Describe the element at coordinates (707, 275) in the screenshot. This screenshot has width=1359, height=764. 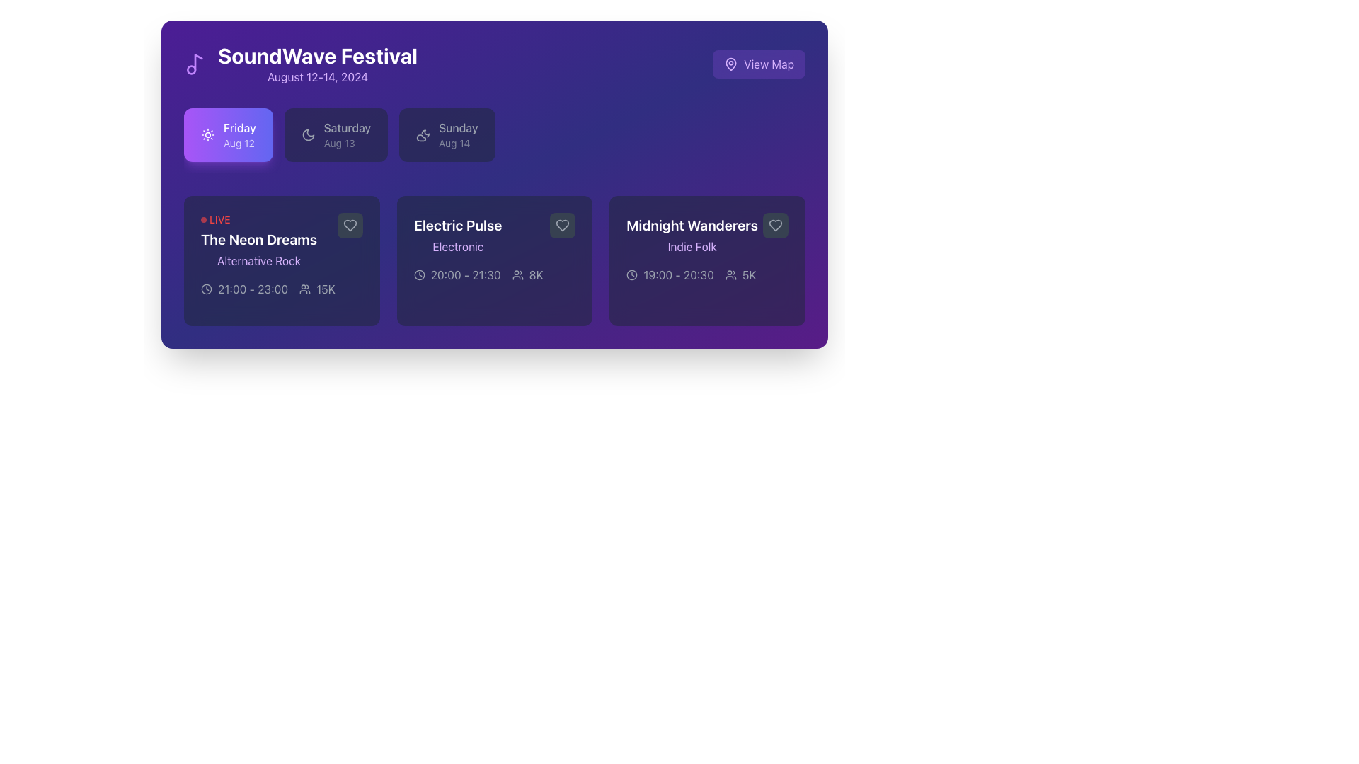
I see `event details from the text information element displaying '19:00 - 20:30' and '5K' with icons, located at the bottom of the event card for 'Midnight Wanderers'` at that location.